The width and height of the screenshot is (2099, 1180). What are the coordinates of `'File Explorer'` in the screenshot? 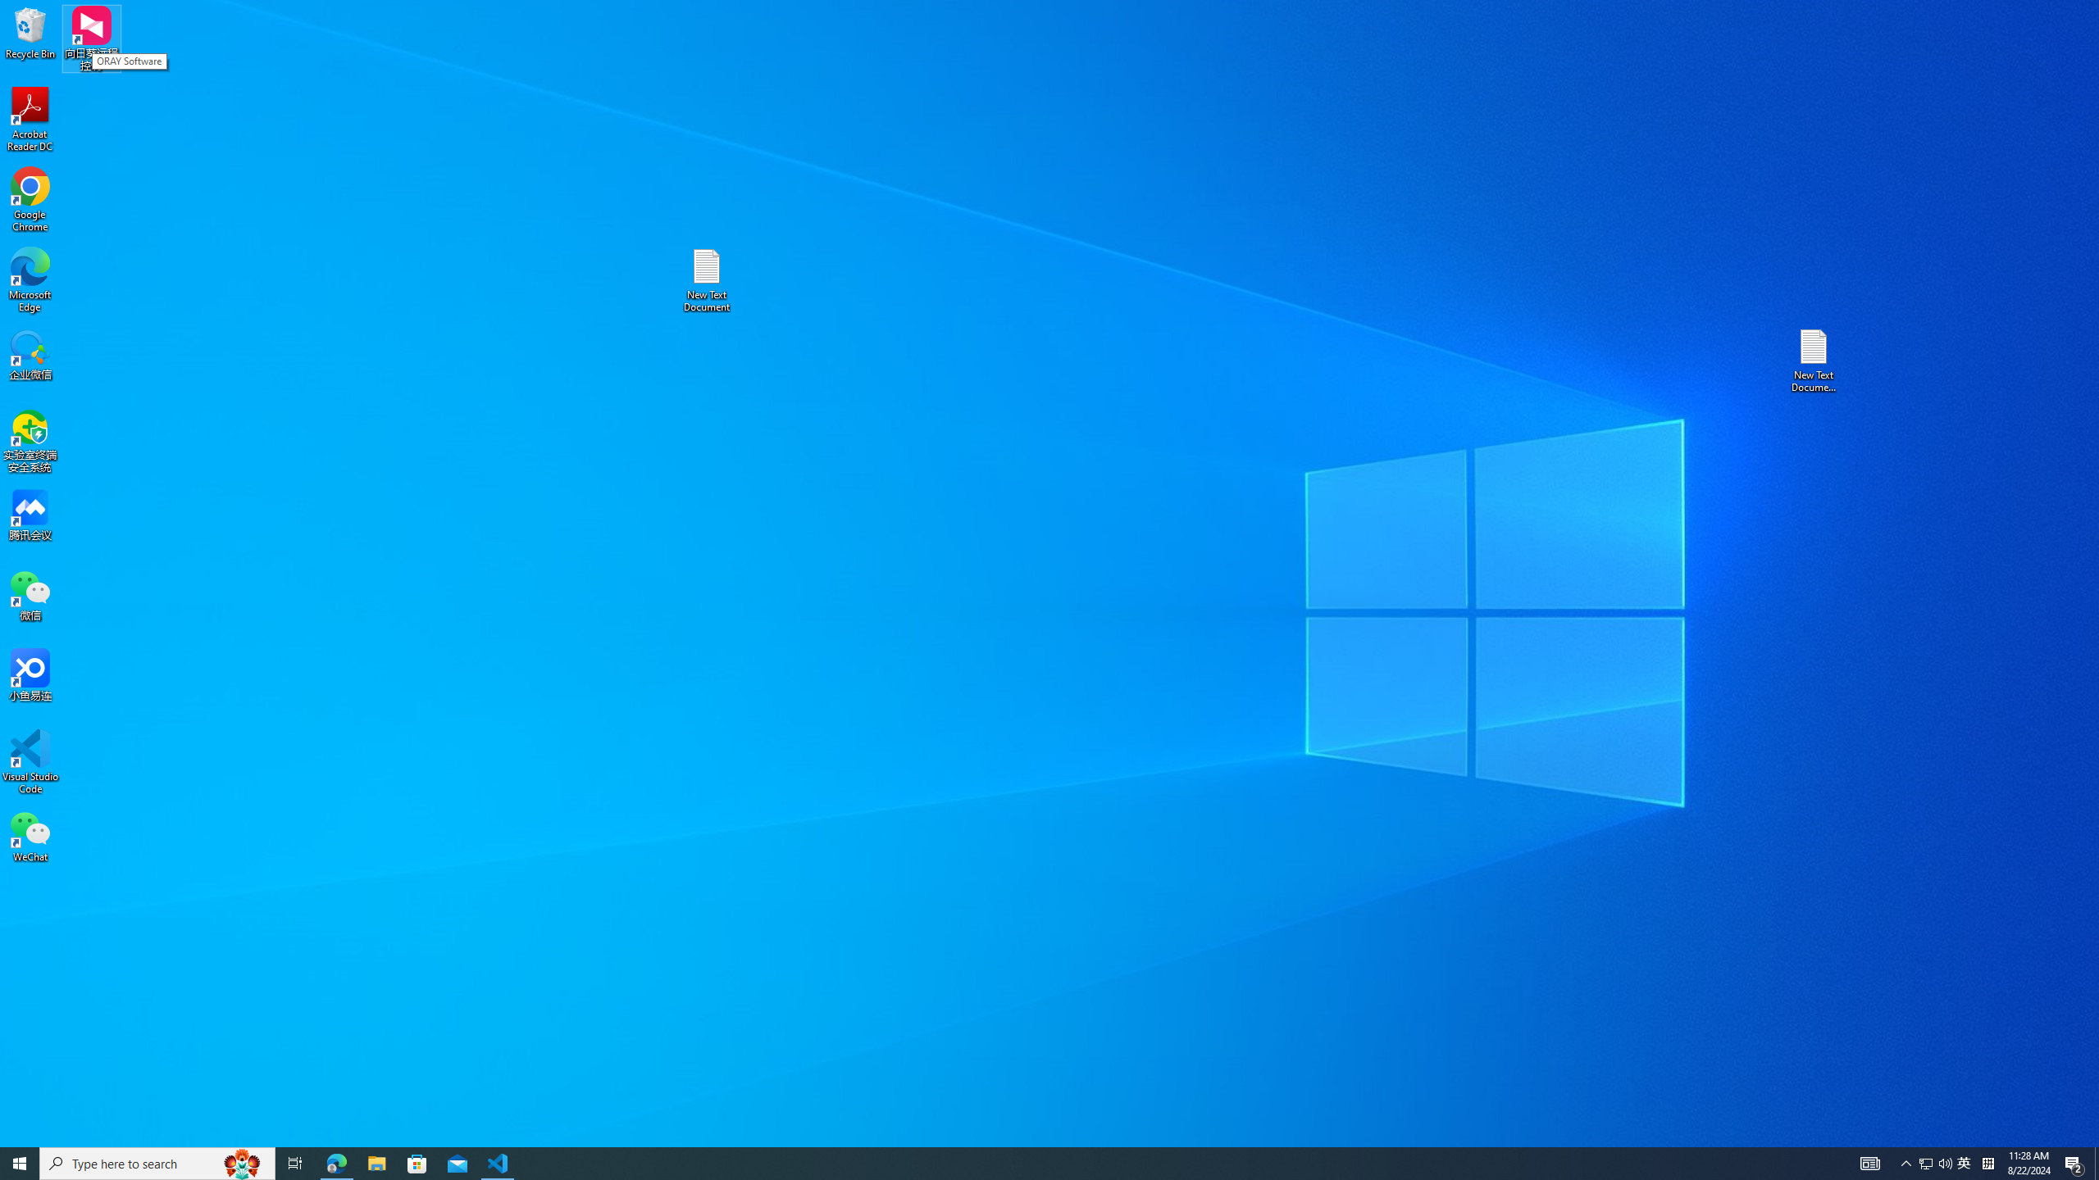 It's located at (376, 1162).